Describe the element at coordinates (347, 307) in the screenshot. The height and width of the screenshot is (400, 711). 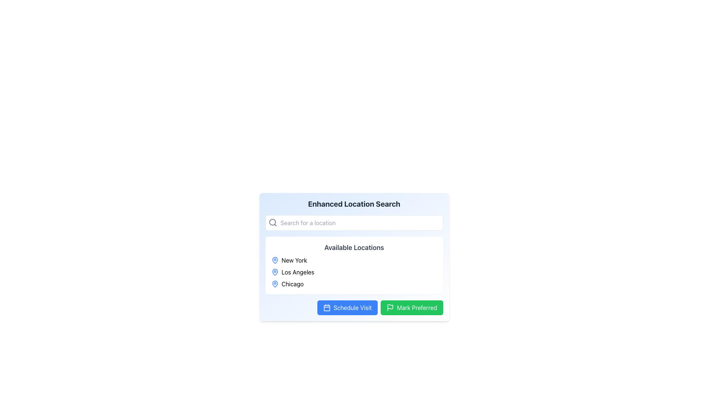
I see `the blue rectangular button labeled 'Schedule Visit' with a white calendar icon to observe the hover effects` at that location.